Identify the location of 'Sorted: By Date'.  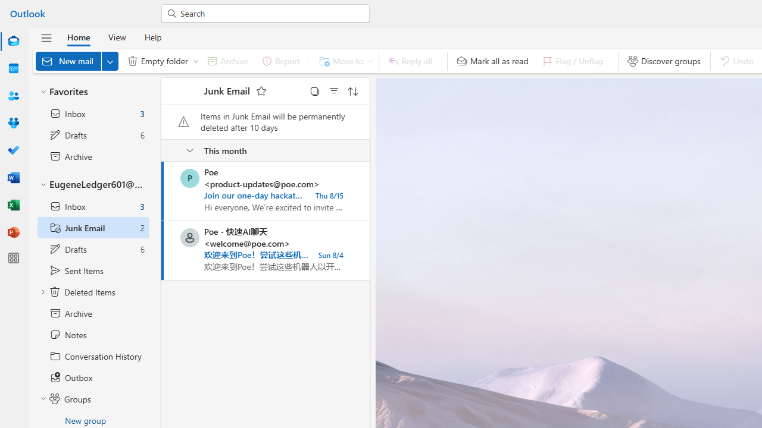
(352, 90).